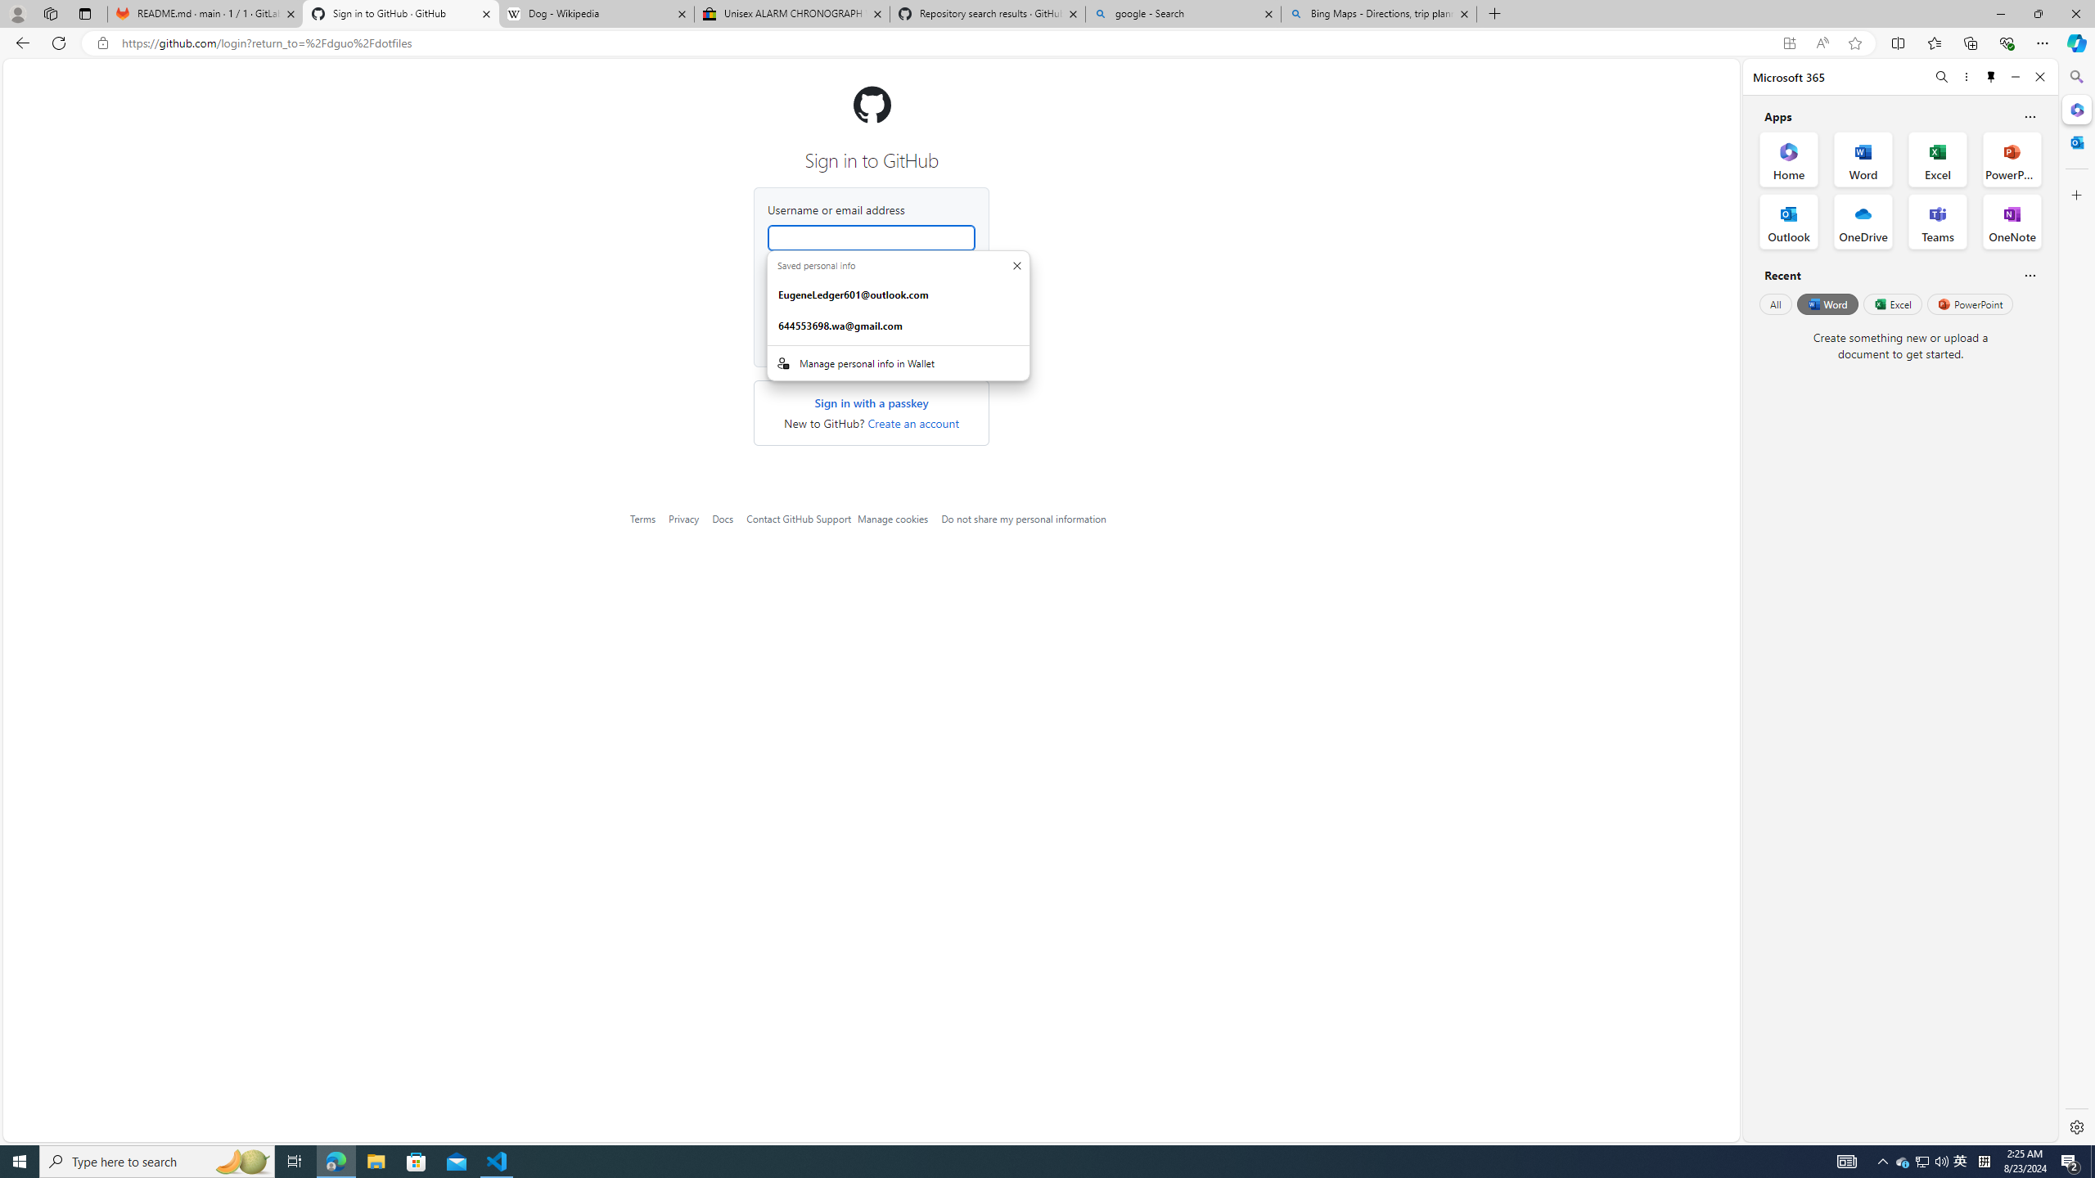  Describe the element at coordinates (870, 402) in the screenshot. I see `'Sign in with a passkey'` at that location.